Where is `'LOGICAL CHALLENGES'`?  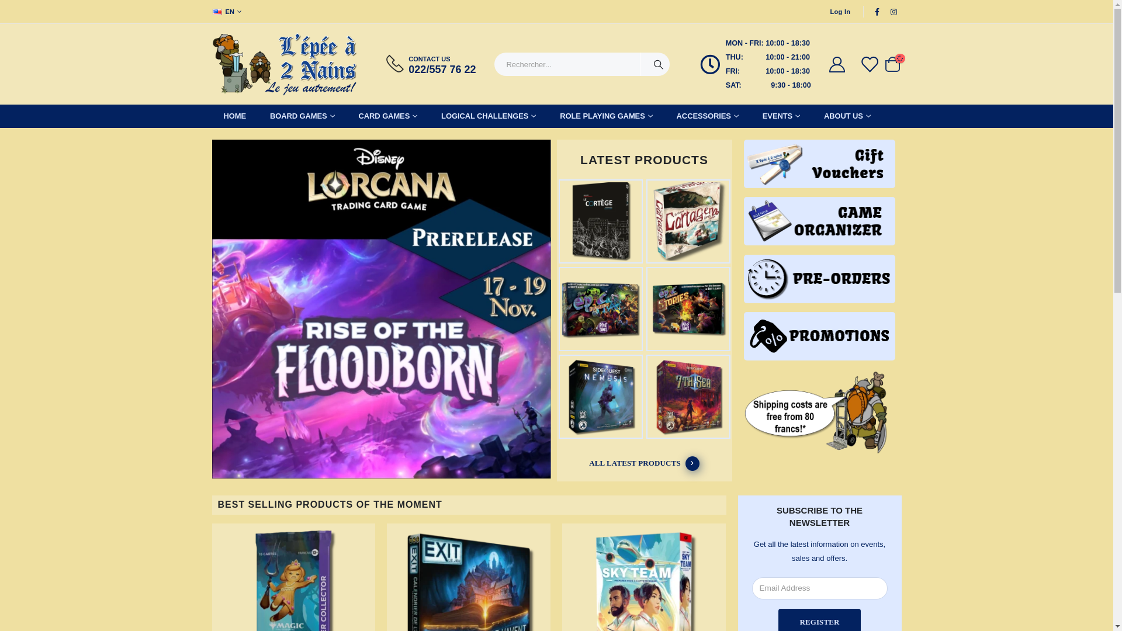
'LOGICAL CHALLENGES' is located at coordinates (488, 116).